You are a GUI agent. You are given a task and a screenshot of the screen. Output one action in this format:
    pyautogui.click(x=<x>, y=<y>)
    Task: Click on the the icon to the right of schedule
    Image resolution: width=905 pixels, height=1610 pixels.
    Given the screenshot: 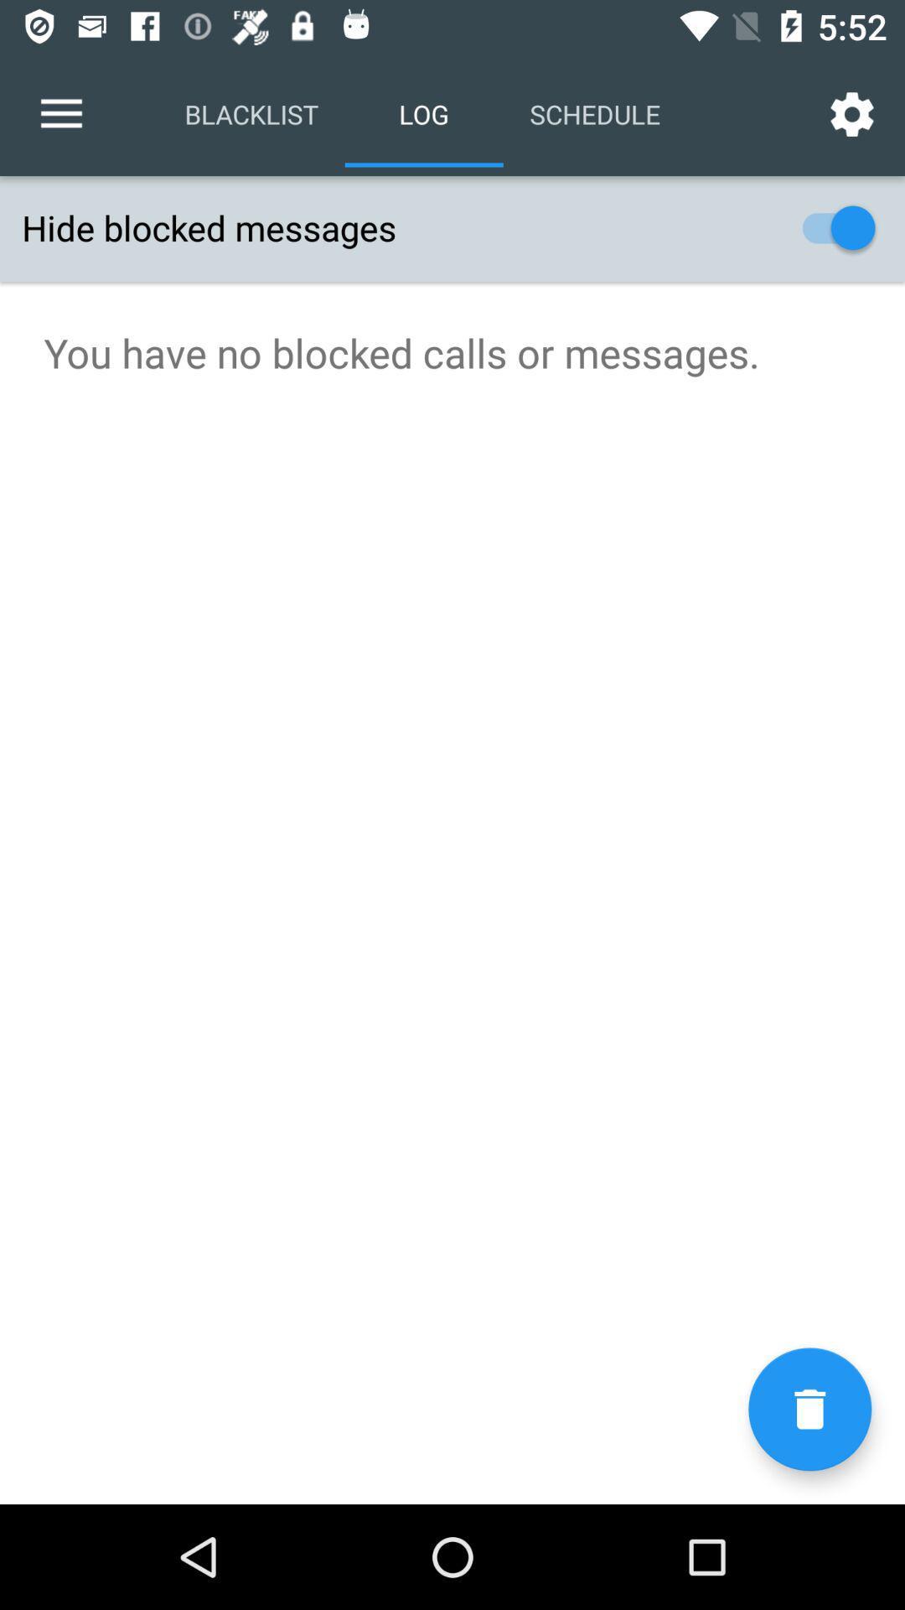 What is the action you would take?
    pyautogui.click(x=852, y=113)
    